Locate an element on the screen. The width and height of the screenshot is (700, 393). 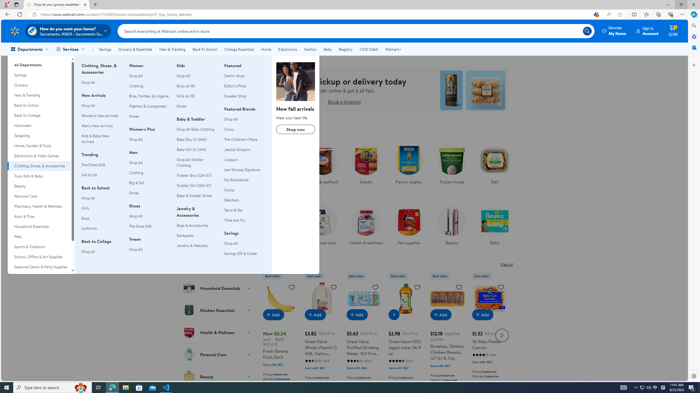
'Grocery & Essentials' is located at coordinates (135, 49).